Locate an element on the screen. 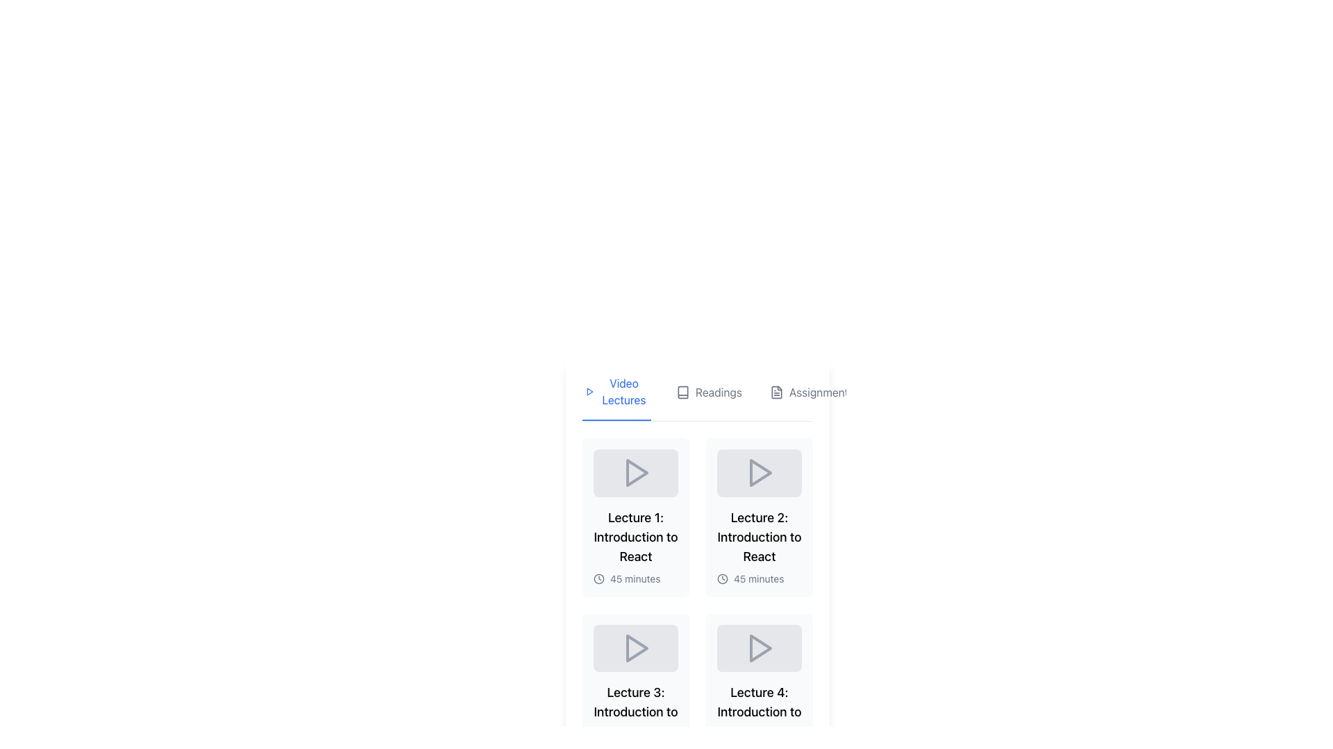 Image resolution: width=1333 pixels, height=749 pixels. the 'Assignments' label located at the top-right corner of the navigation bar is located at coordinates (821, 393).